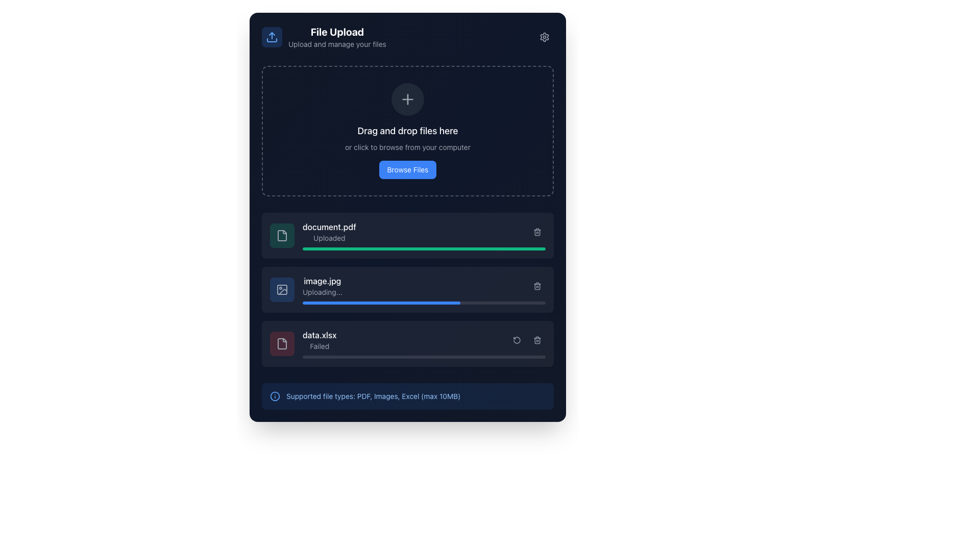 The image size is (980, 551). Describe the element at coordinates (337, 31) in the screenshot. I see `the bold, white text label reading 'File Upload' which is positioned at the top-left corner of the interface, above the subtitle 'Upload and manage your files'` at that location.